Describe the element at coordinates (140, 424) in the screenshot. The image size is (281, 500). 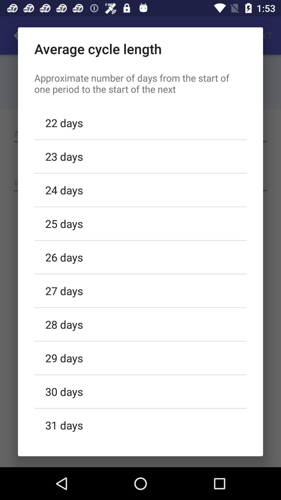
I see `item below the 30 days icon` at that location.